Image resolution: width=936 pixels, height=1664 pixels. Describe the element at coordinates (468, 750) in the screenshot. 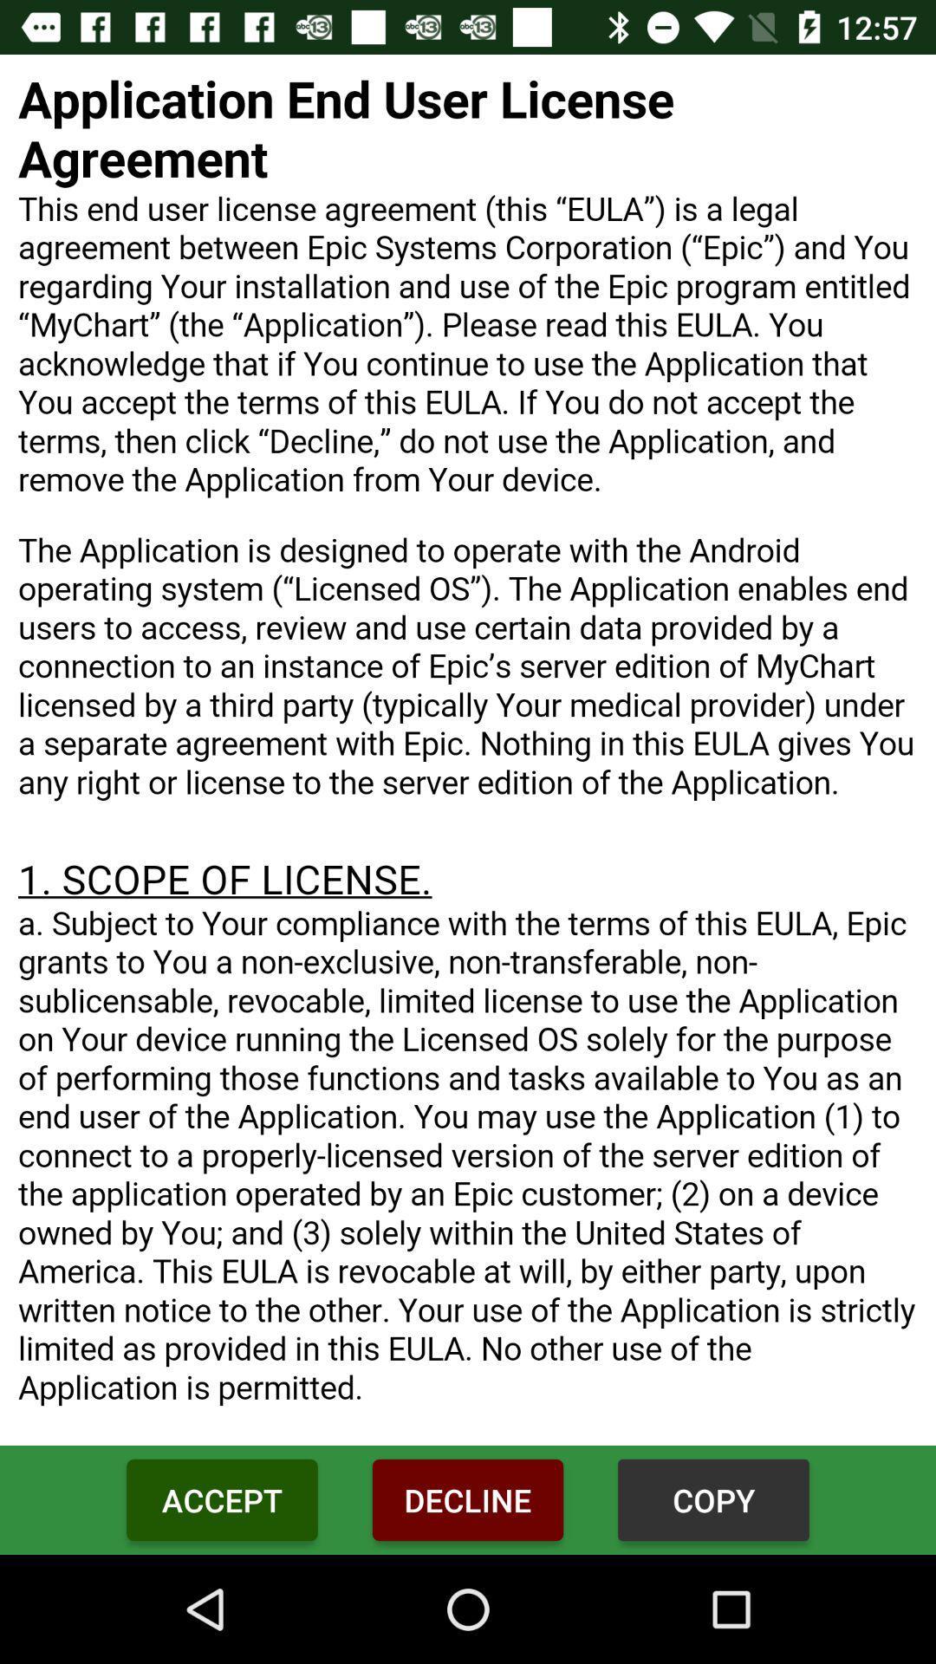

I see `agreement` at that location.